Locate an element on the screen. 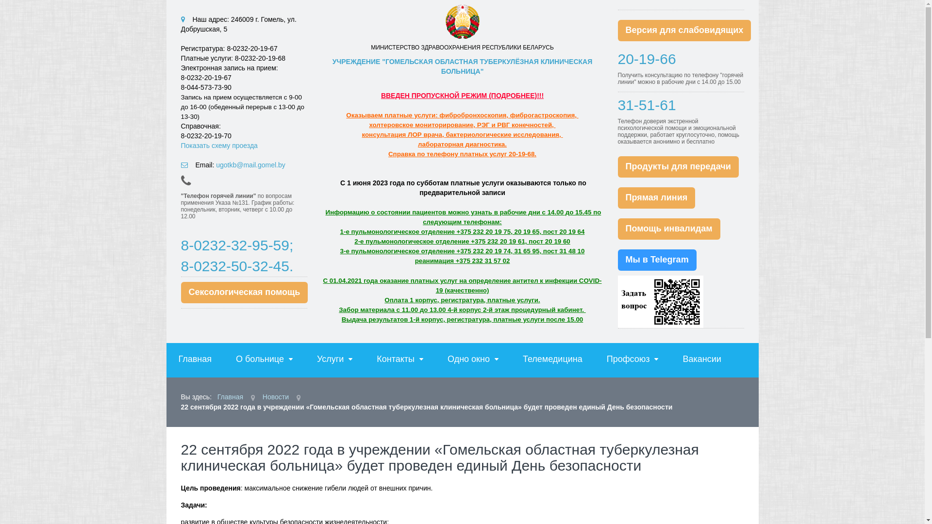 Image resolution: width=932 pixels, height=524 pixels. 'ugotkb@mail.gomel.by' is located at coordinates (250, 164).